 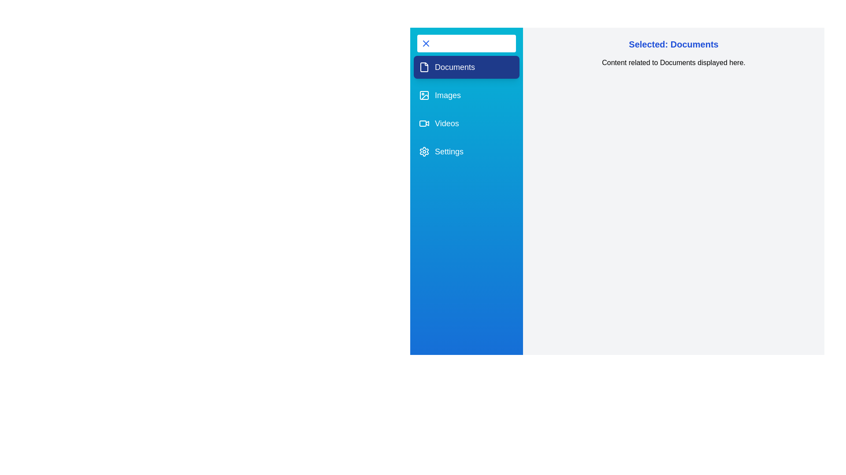 I want to click on the tab Documents from the MultimediaDrawer component, so click(x=466, y=67).